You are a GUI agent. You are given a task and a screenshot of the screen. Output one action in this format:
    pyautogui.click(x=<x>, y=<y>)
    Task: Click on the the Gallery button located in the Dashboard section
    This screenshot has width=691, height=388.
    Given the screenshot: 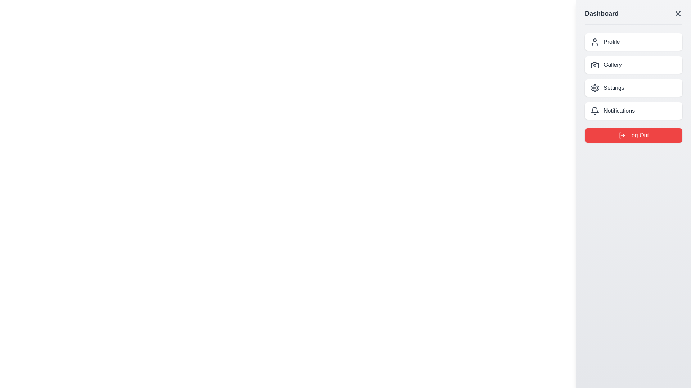 What is the action you would take?
    pyautogui.click(x=633, y=65)
    